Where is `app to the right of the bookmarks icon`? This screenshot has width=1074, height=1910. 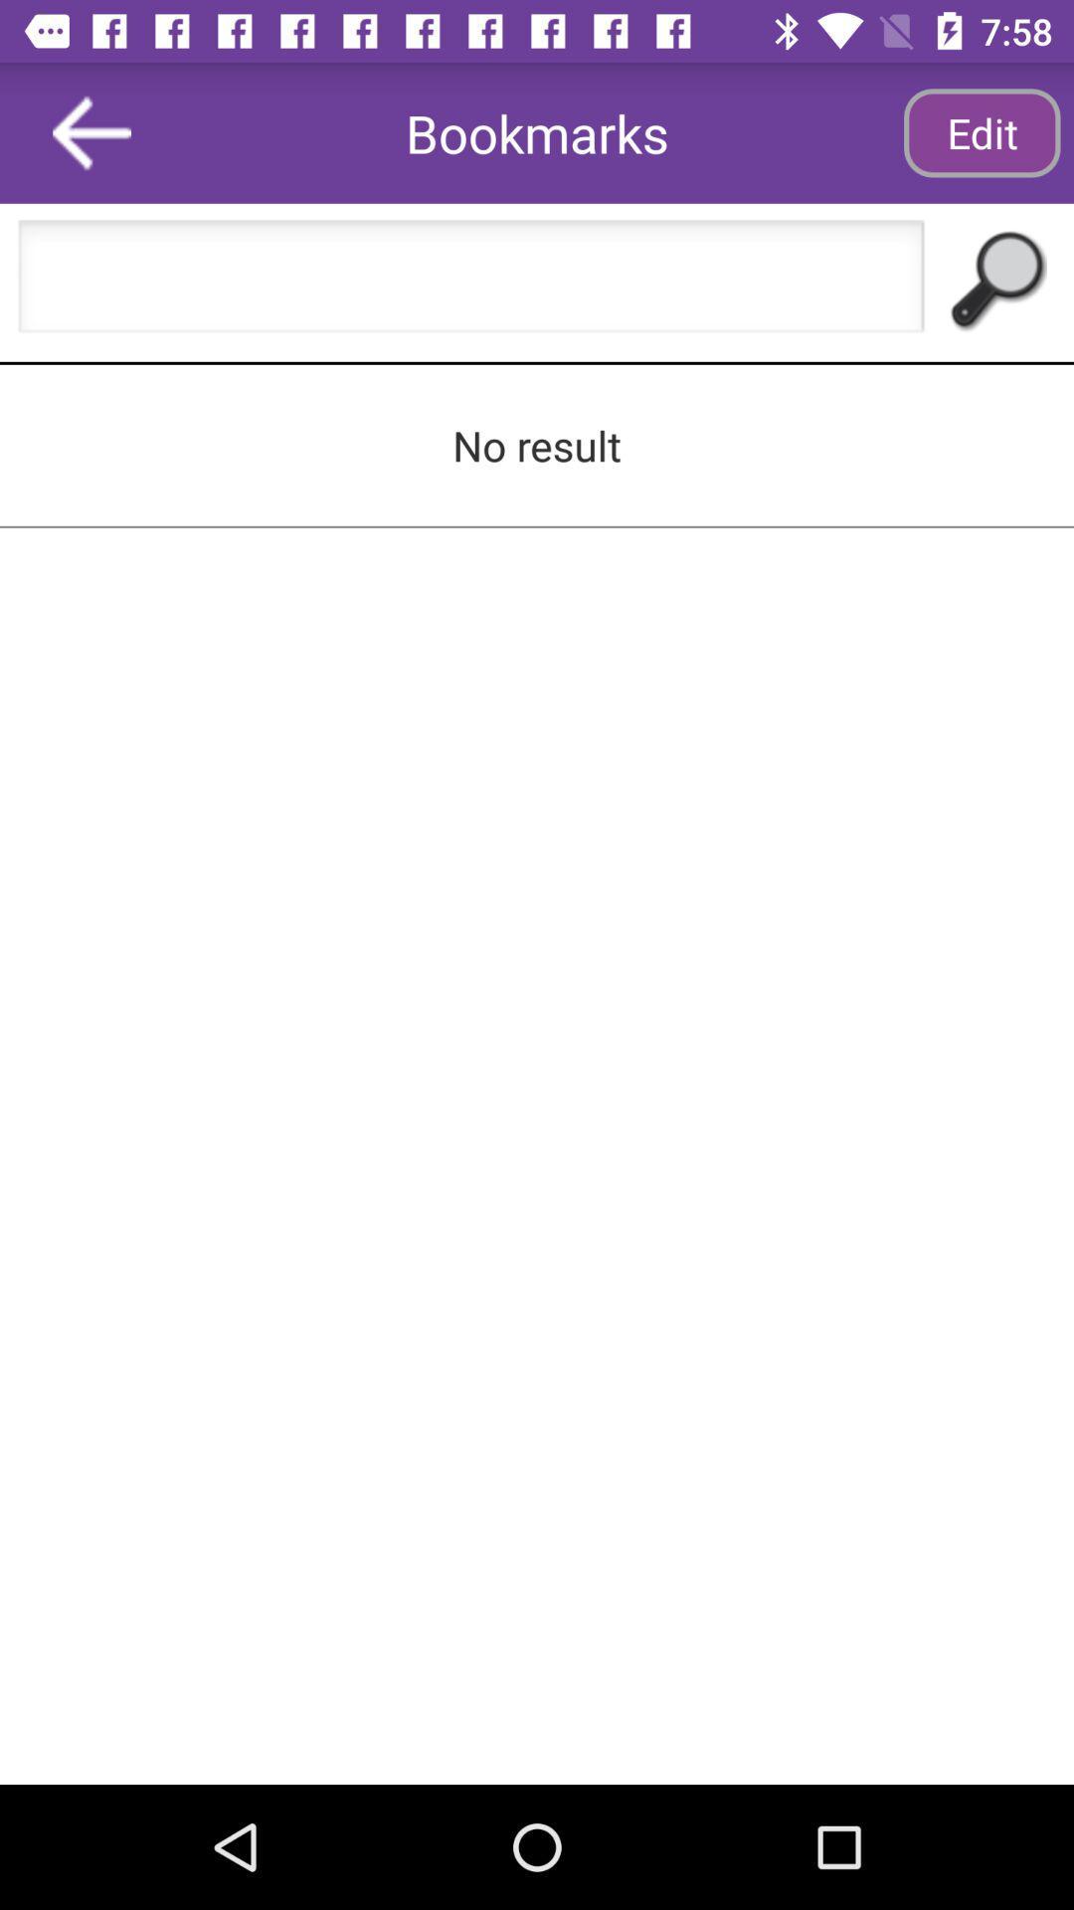 app to the right of the bookmarks icon is located at coordinates (981, 131).